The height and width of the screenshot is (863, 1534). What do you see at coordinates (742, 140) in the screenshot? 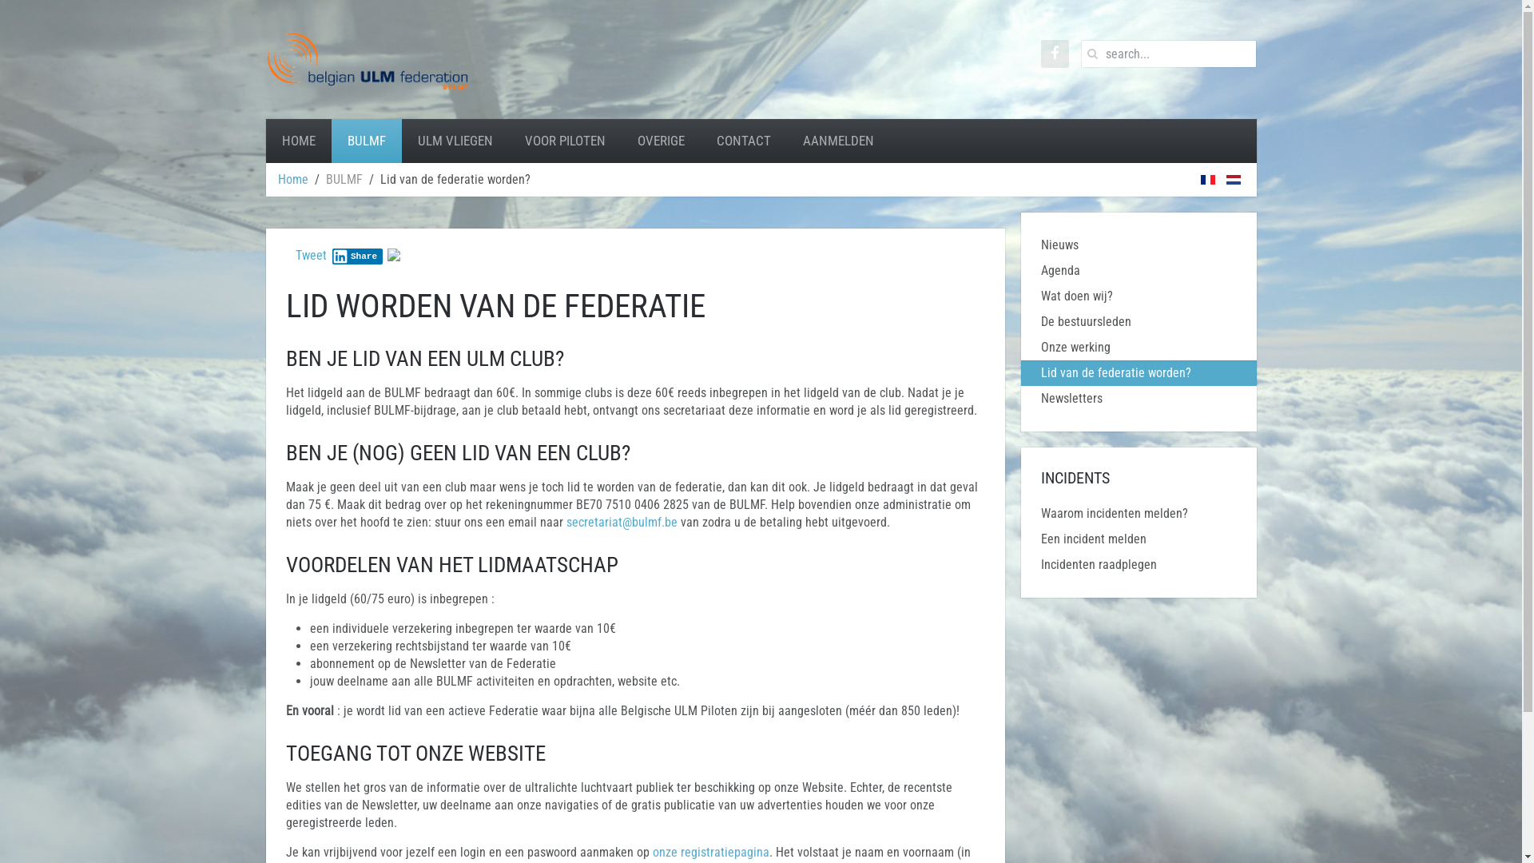
I see `'CONTACT'` at bounding box center [742, 140].